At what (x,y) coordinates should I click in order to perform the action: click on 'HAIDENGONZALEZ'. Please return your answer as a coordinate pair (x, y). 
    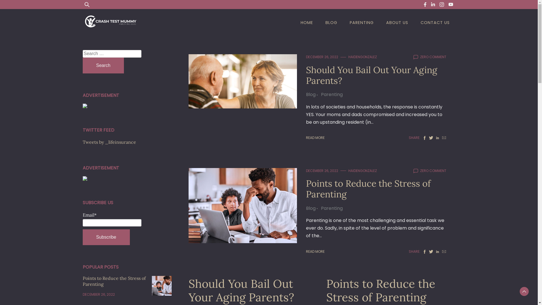
    Looking at the image, I should click on (362, 57).